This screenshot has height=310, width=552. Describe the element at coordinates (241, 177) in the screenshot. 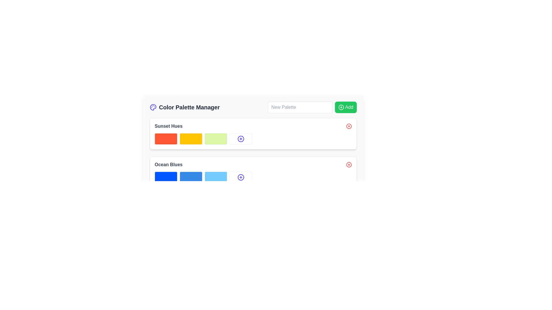

I see `the circular indigo button with a '+' symbol located to the right of the color blocks in the 'Sunset Hues' category` at that location.